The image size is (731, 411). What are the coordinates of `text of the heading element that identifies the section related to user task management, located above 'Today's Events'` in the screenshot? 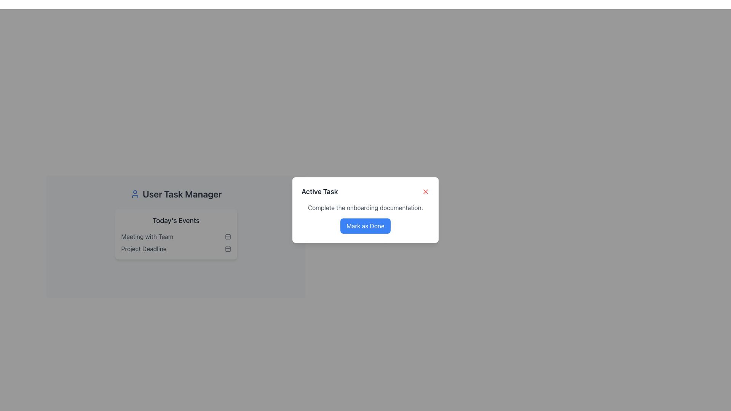 It's located at (176, 193).